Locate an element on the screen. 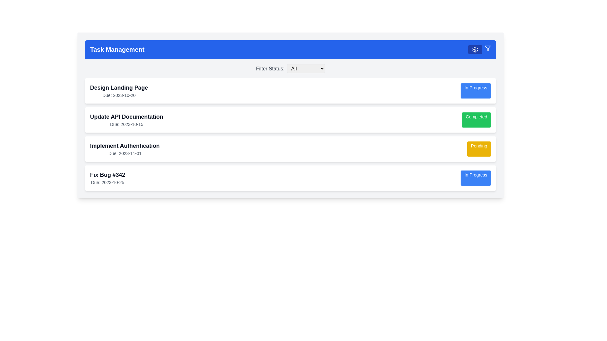  the medium-sized blue button with rounded corners and a settings icon in white at its center, located in the header bar to the left of the filter icon button is located at coordinates (475, 49).